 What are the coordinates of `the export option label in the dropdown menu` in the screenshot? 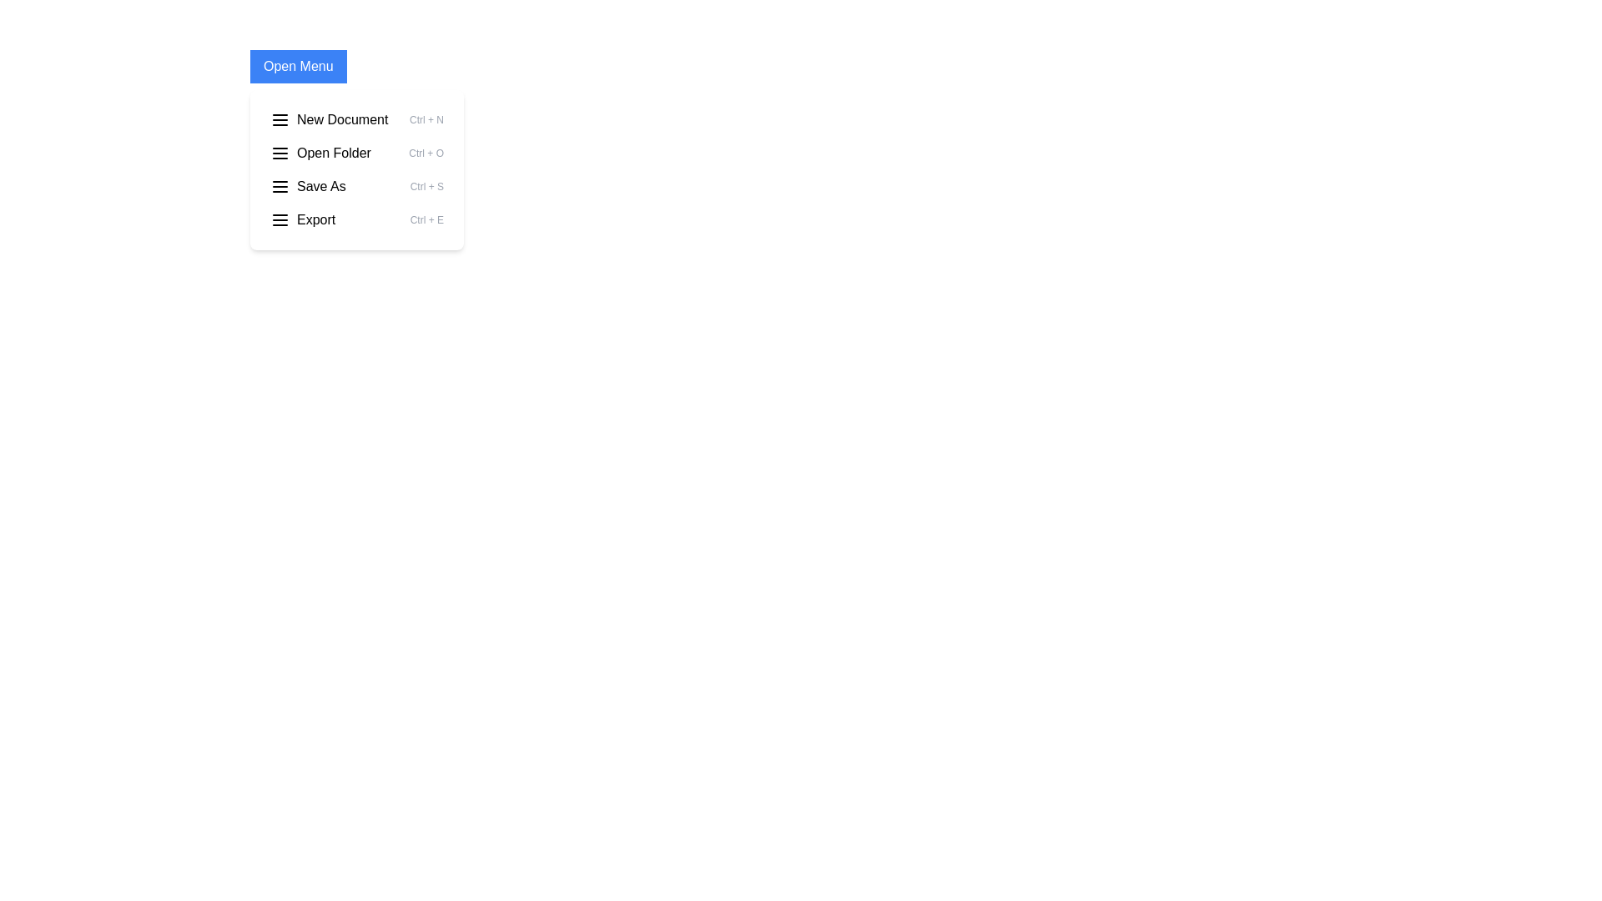 It's located at (316, 219).